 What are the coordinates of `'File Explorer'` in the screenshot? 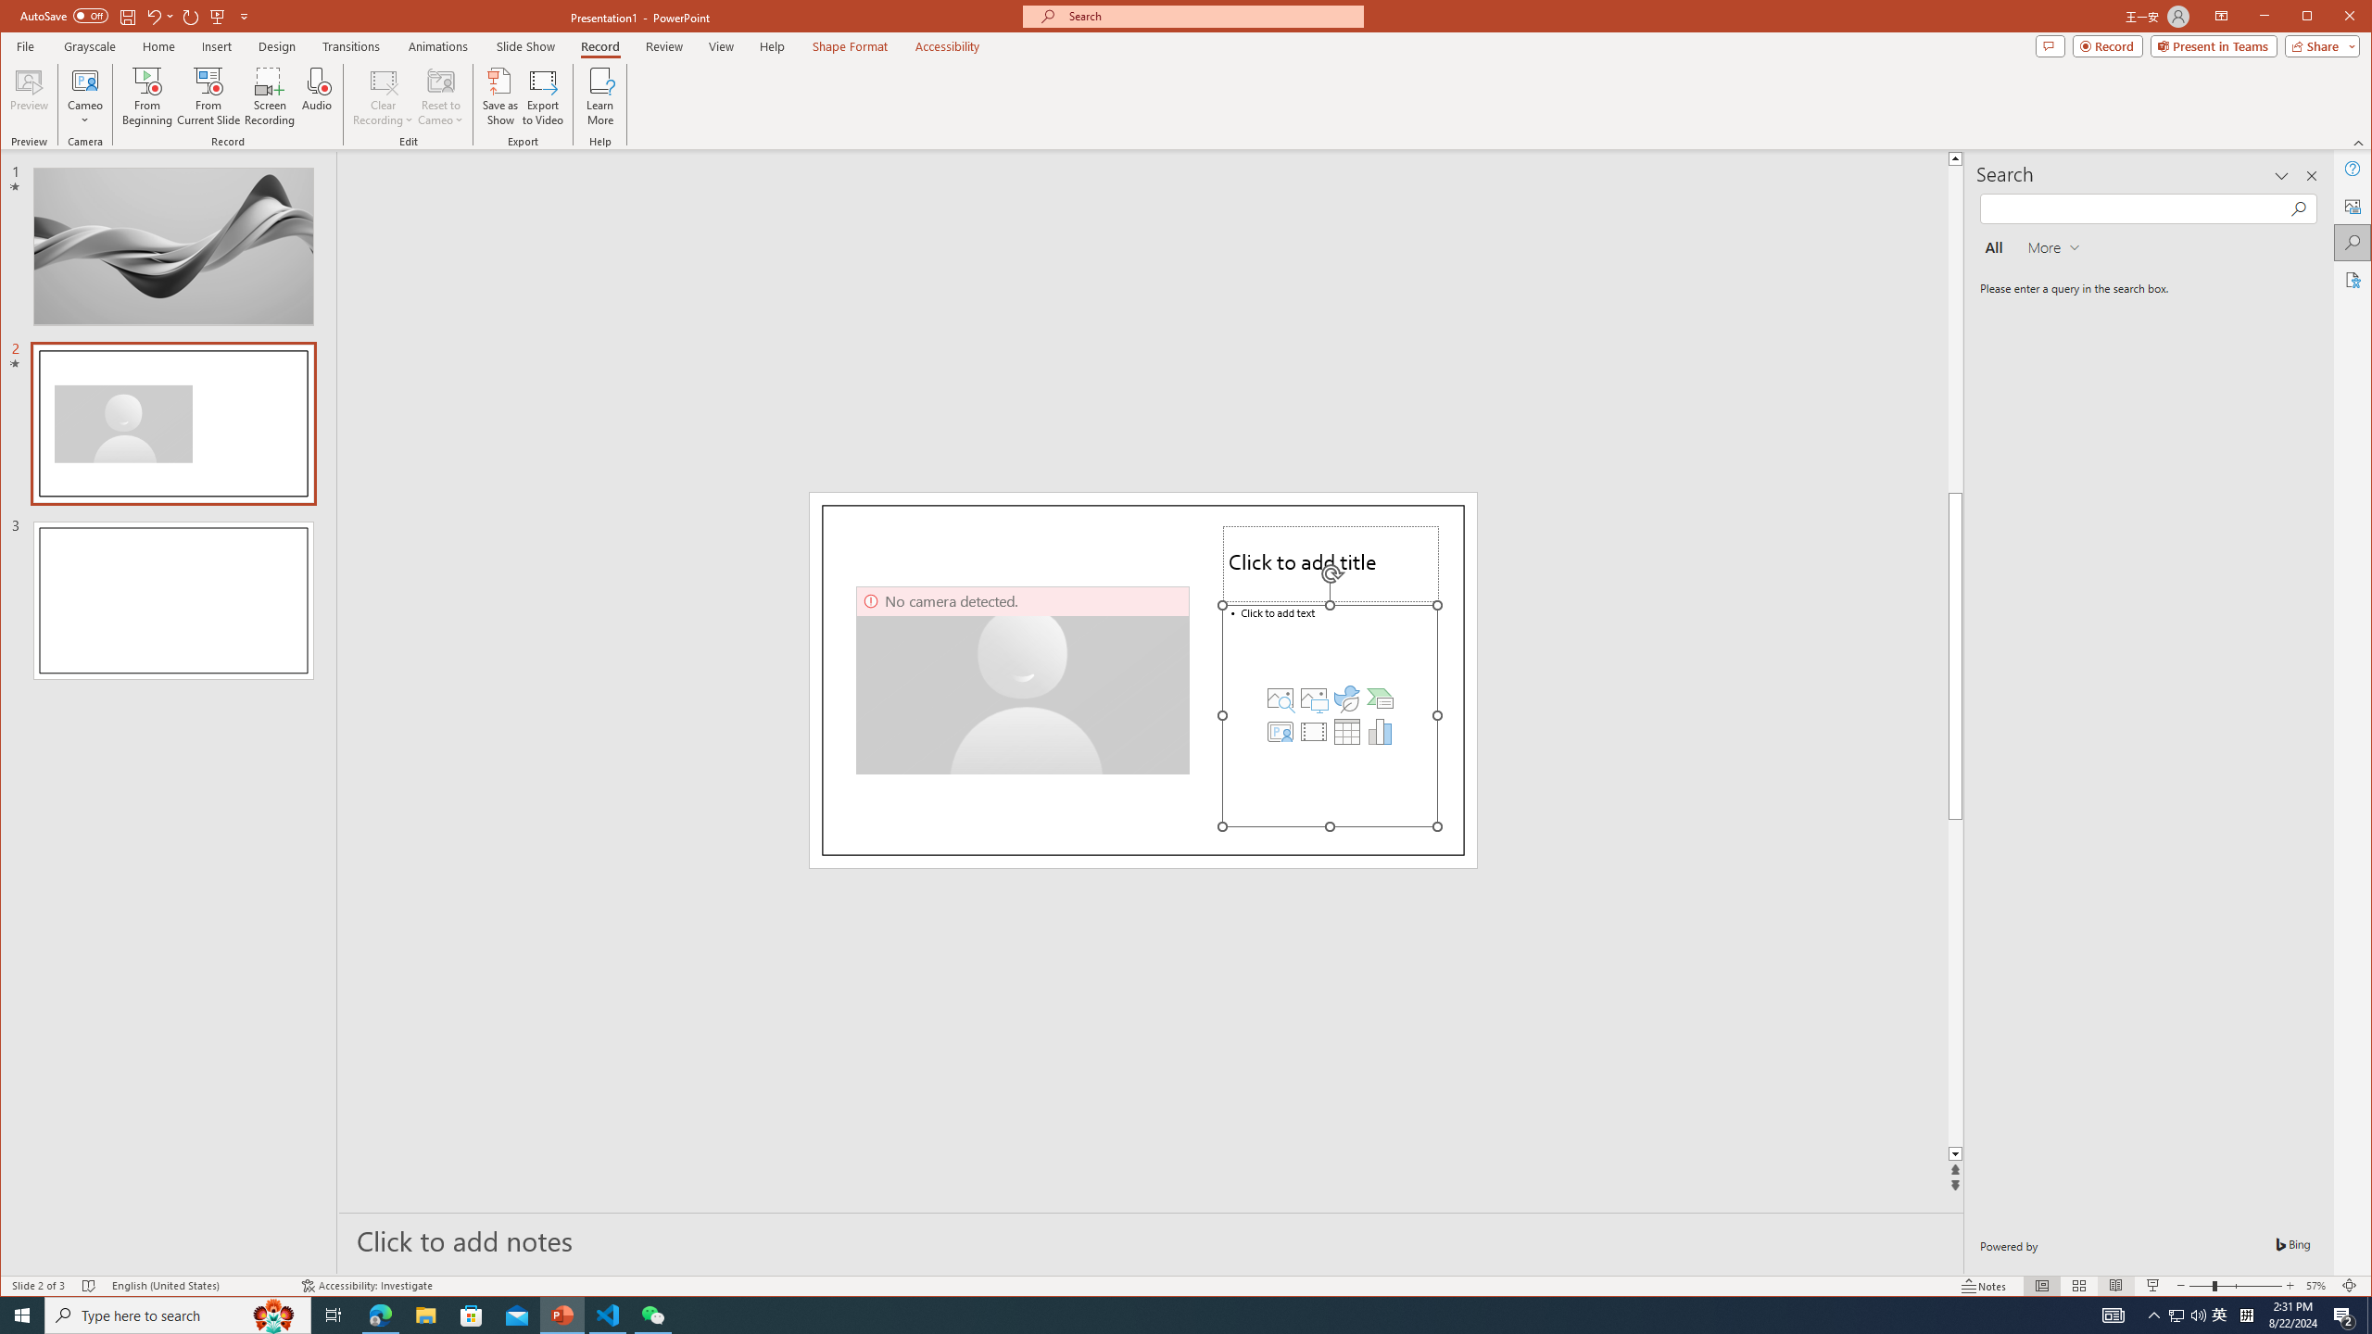 It's located at (424, 1314).